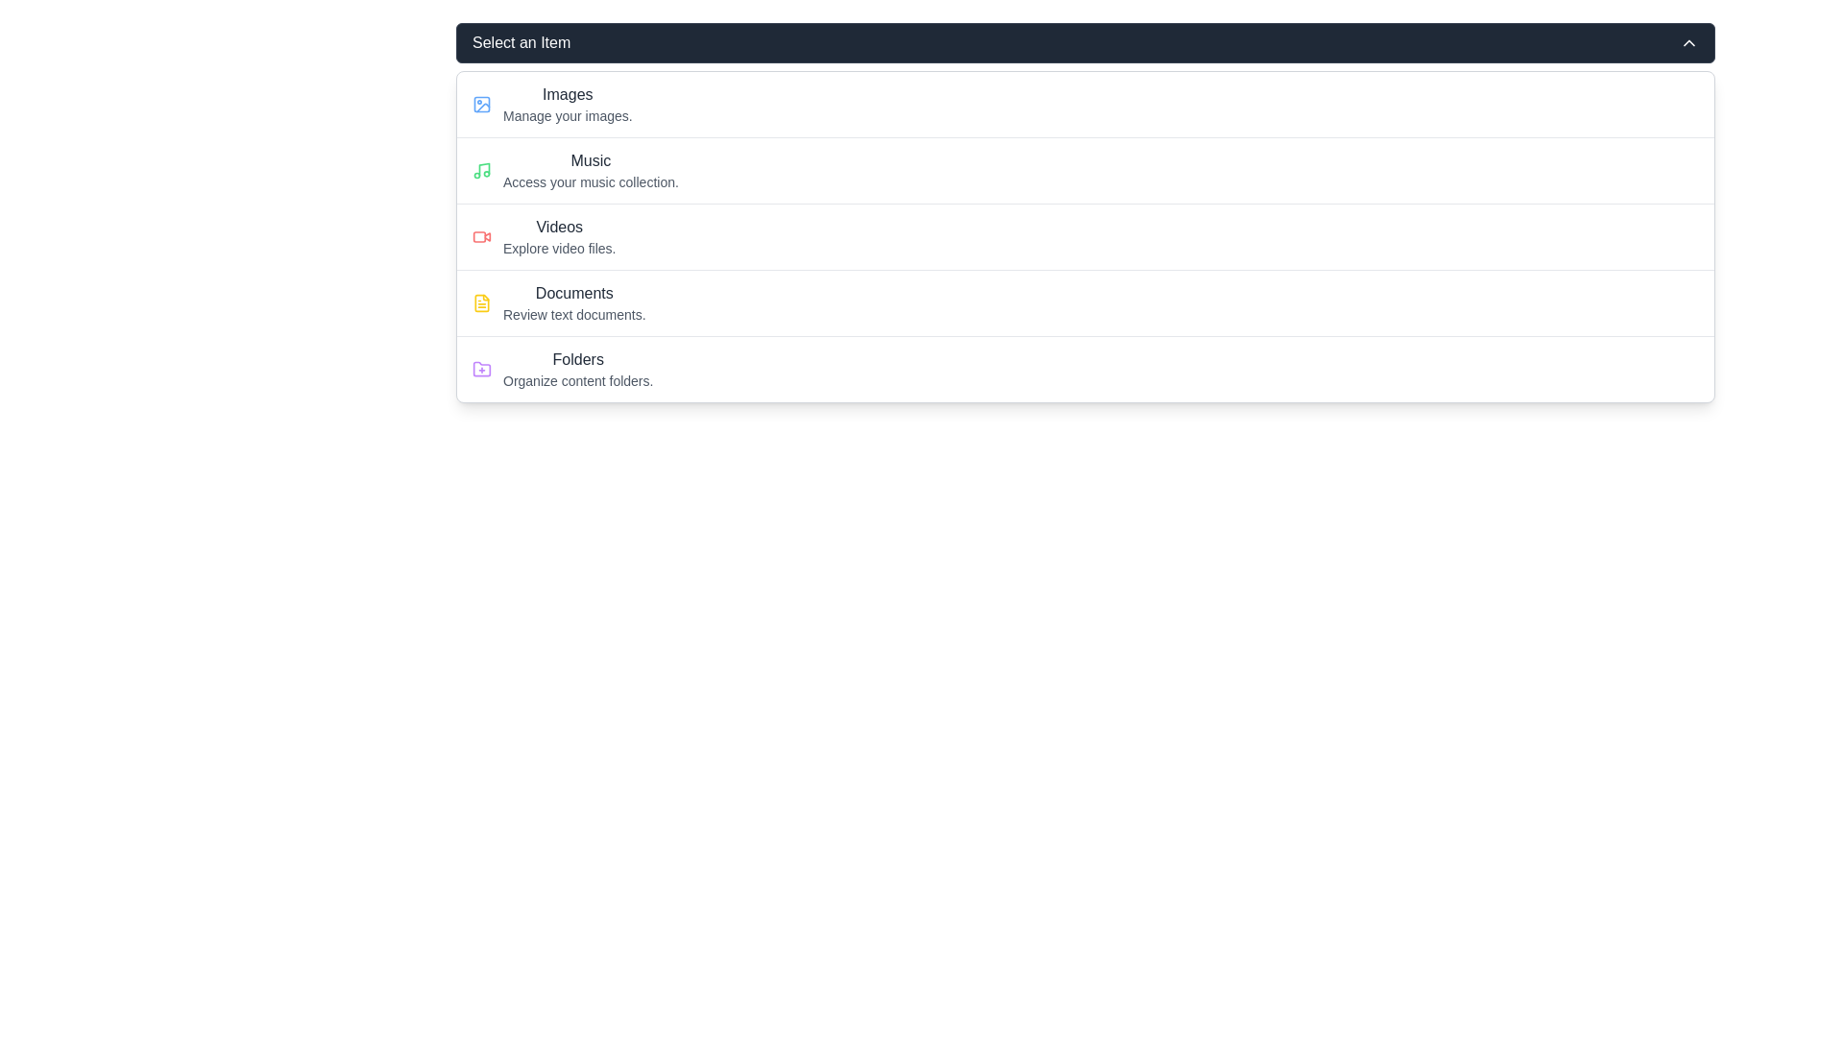 The width and height of the screenshot is (1844, 1037). Describe the element at coordinates (1085, 369) in the screenshot. I see `the fifth List Item element, which has a purple folder icon with a plus sign and the text 'Folders'` at that location.